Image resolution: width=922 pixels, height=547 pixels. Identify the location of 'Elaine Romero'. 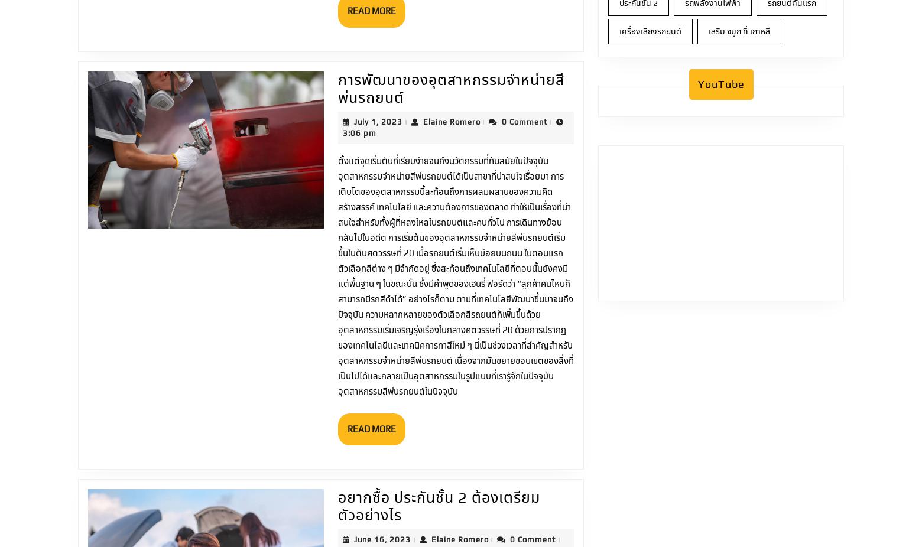
(477, 53).